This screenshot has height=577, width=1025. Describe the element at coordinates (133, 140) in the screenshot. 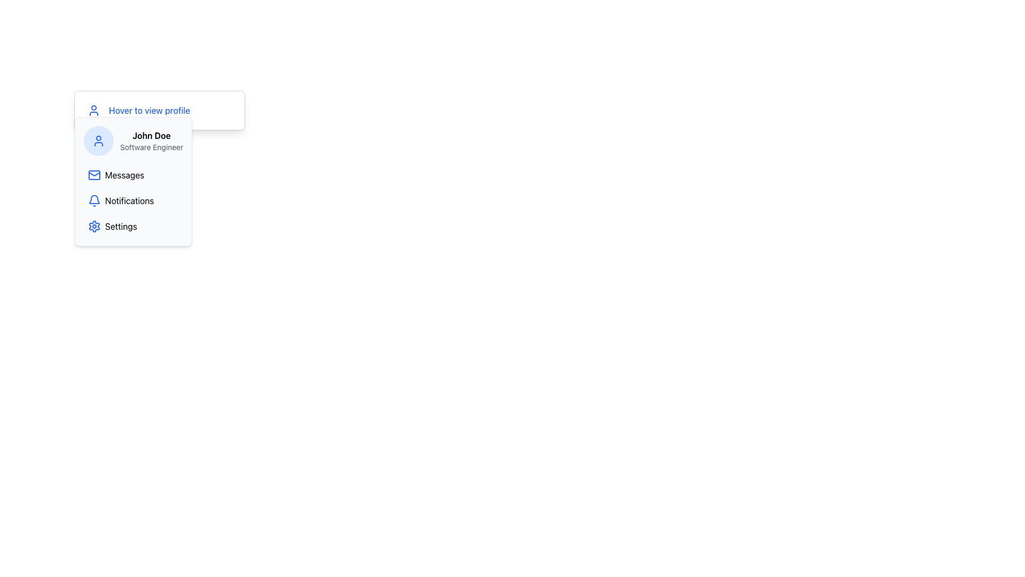

I see `the User Profile Display element which features a circular icon with a user profile illustration on the left and two lines of text reading 'John Doe' and 'Software Engineer' on the right, located in the dropdown menu below the 'Hover` at that location.